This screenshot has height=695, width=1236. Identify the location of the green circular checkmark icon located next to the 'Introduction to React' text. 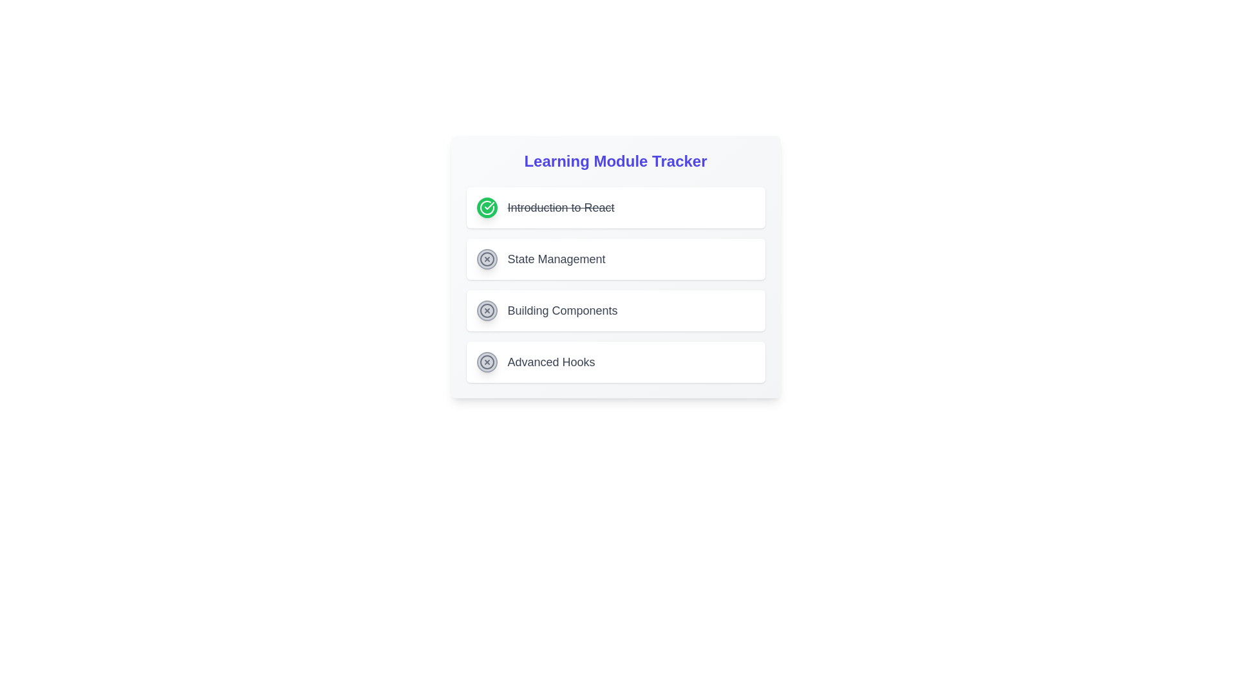
(488, 205).